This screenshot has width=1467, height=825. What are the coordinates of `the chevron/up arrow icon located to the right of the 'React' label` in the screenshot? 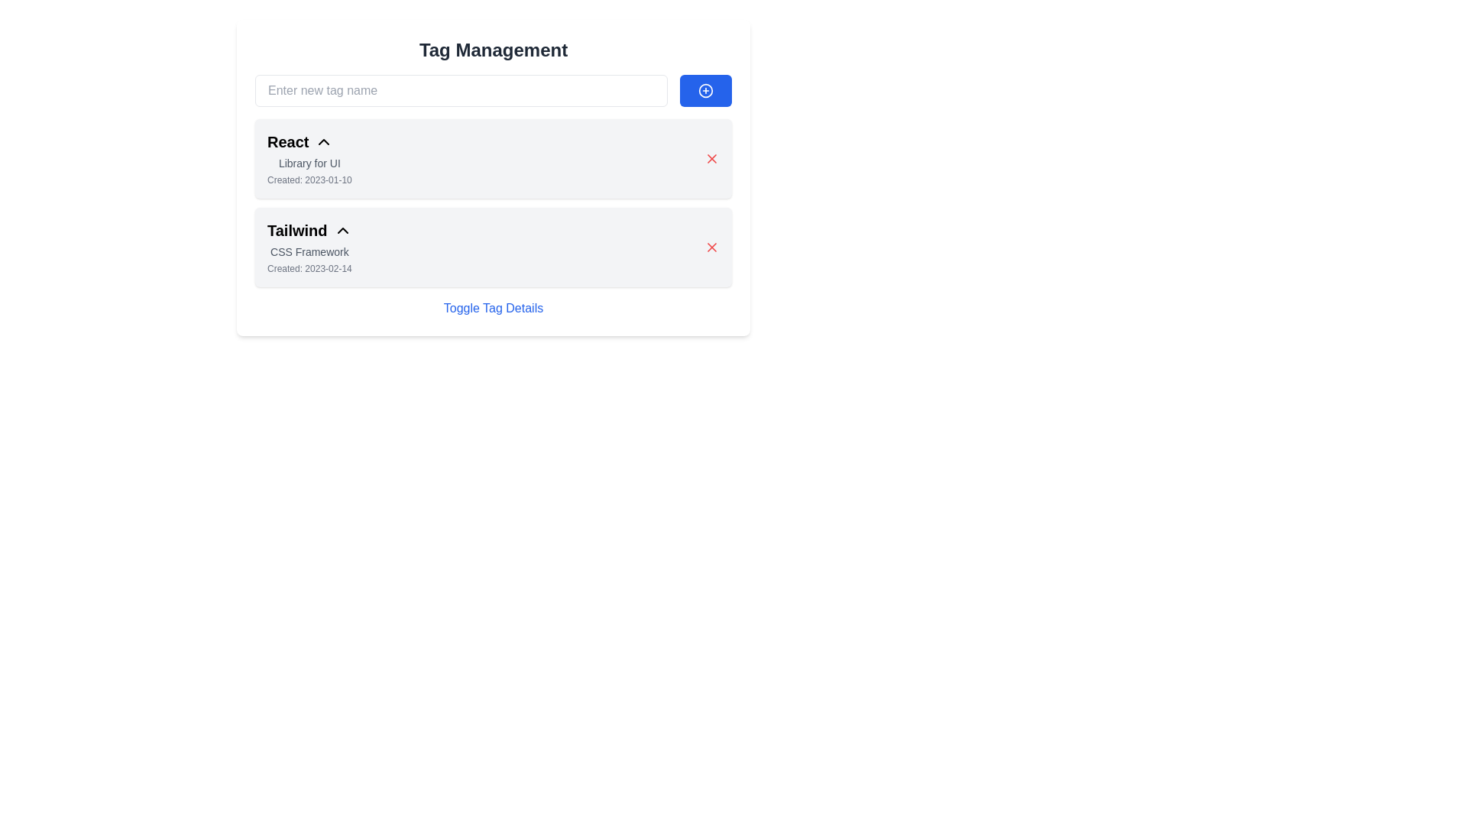 It's located at (323, 141).